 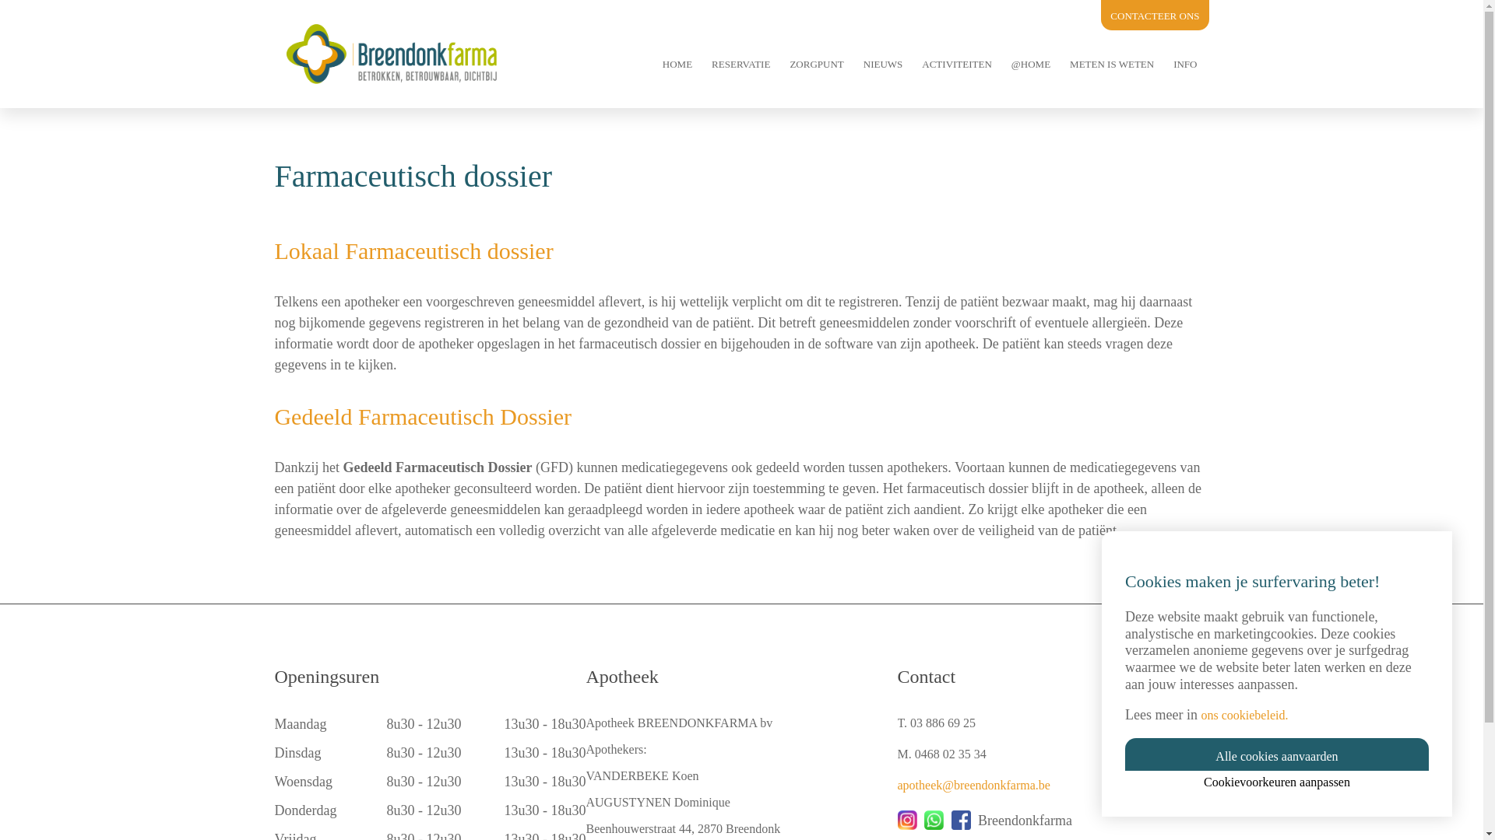 What do you see at coordinates (1243, 715) in the screenshot?
I see `'ons cookiebeleid.'` at bounding box center [1243, 715].